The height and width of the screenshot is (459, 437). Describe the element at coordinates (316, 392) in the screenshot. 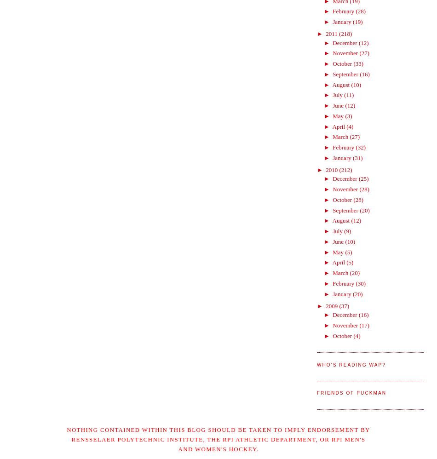

I see `'Friends of Puckman'` at that location.